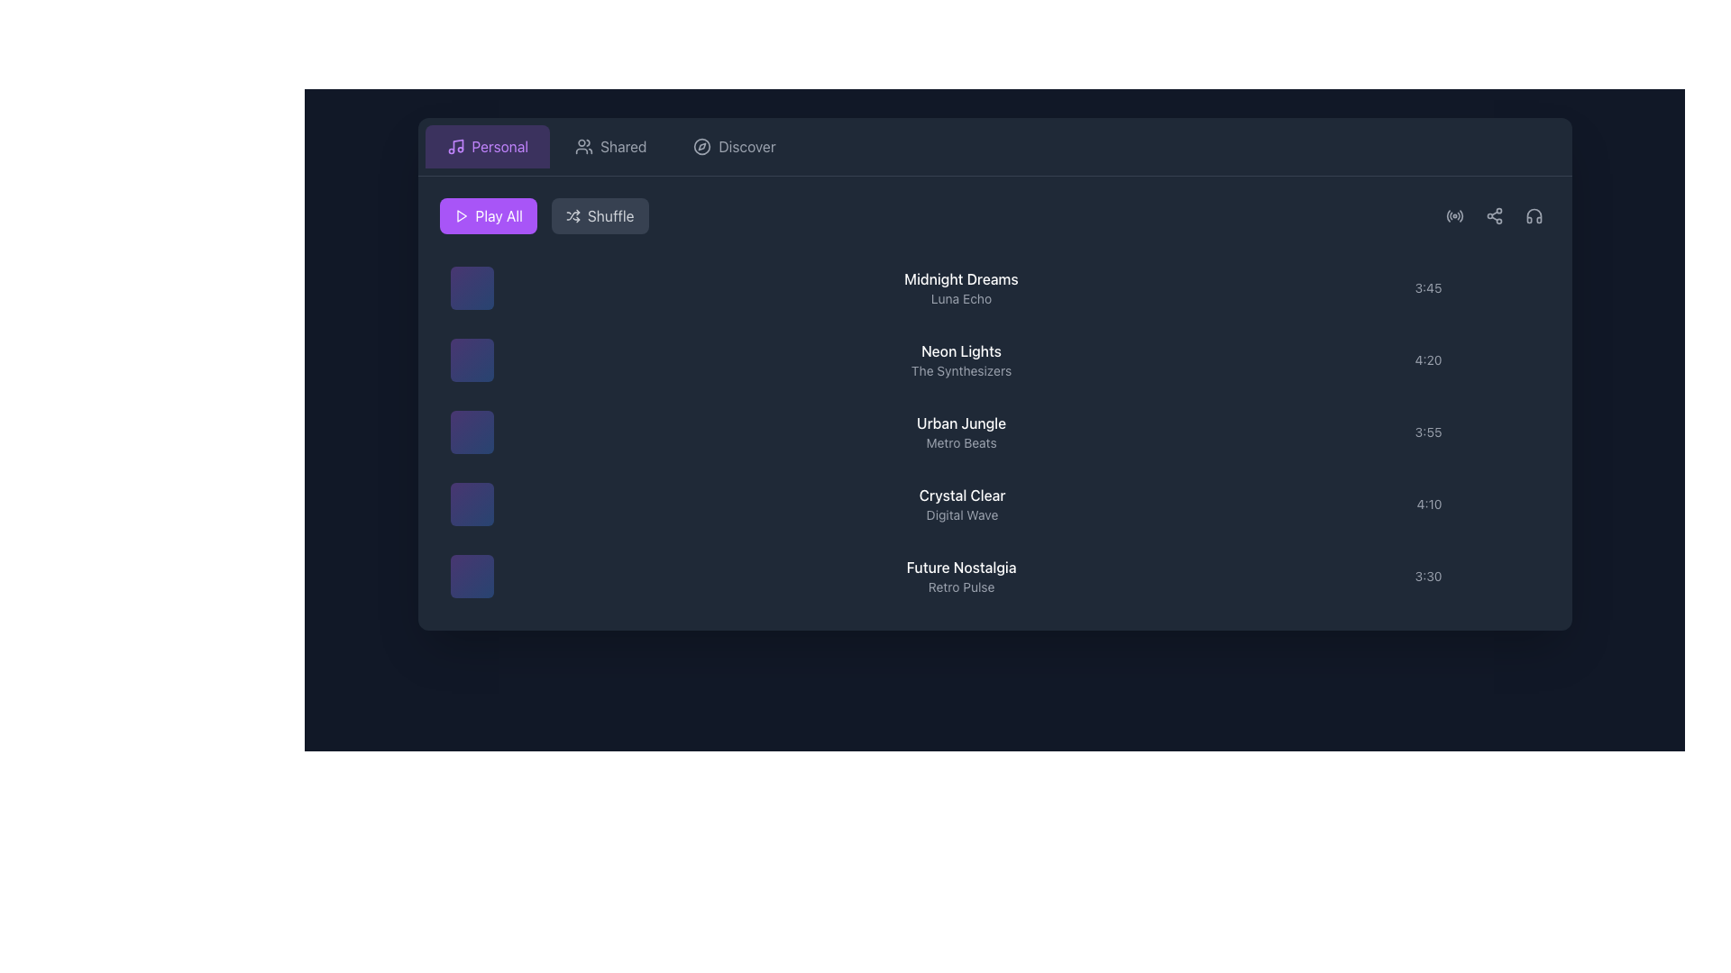 The height and width of the screenshot is (973, 1731). What do you see at coordinates (572, 214) in the screenshot?
I see `the shuffle icon located within the 'Shuffle' button at the top center-right of the playback control section, adjacent to the text label 'Shuffle'` at bounding box center [572, 214].